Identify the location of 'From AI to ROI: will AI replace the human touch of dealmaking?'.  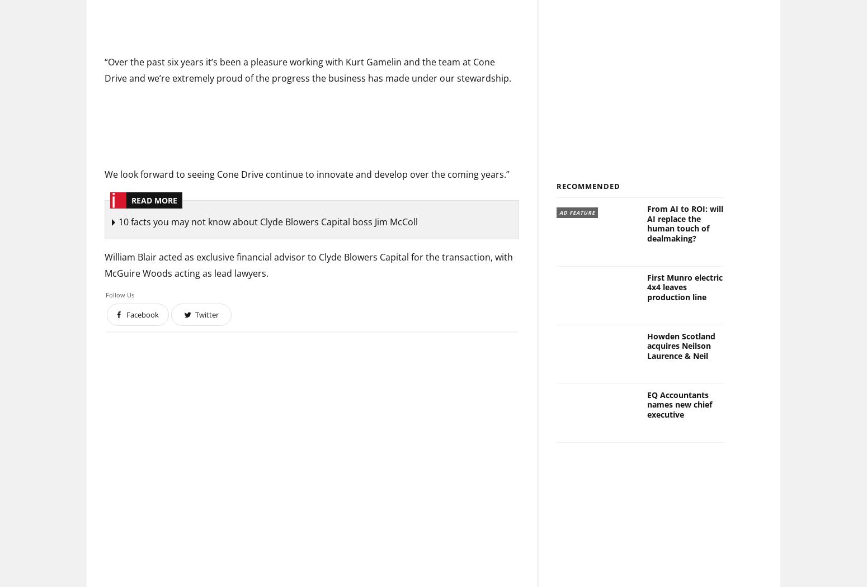
(685, 224).